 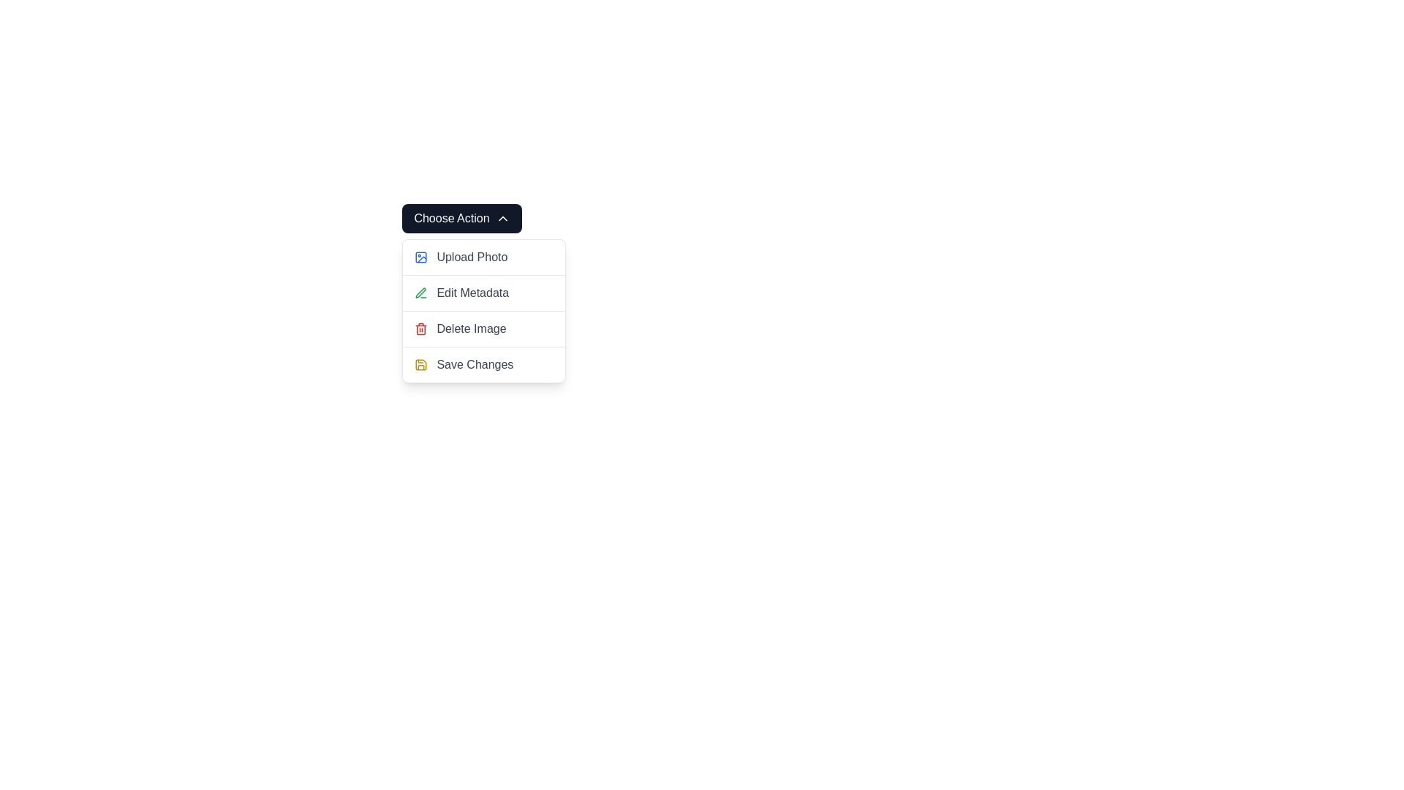 I want to click on the upper-left portion of the yellow save icon, which is part of the 'Save Changes' dropdown menu, so click(x=420, y=364).